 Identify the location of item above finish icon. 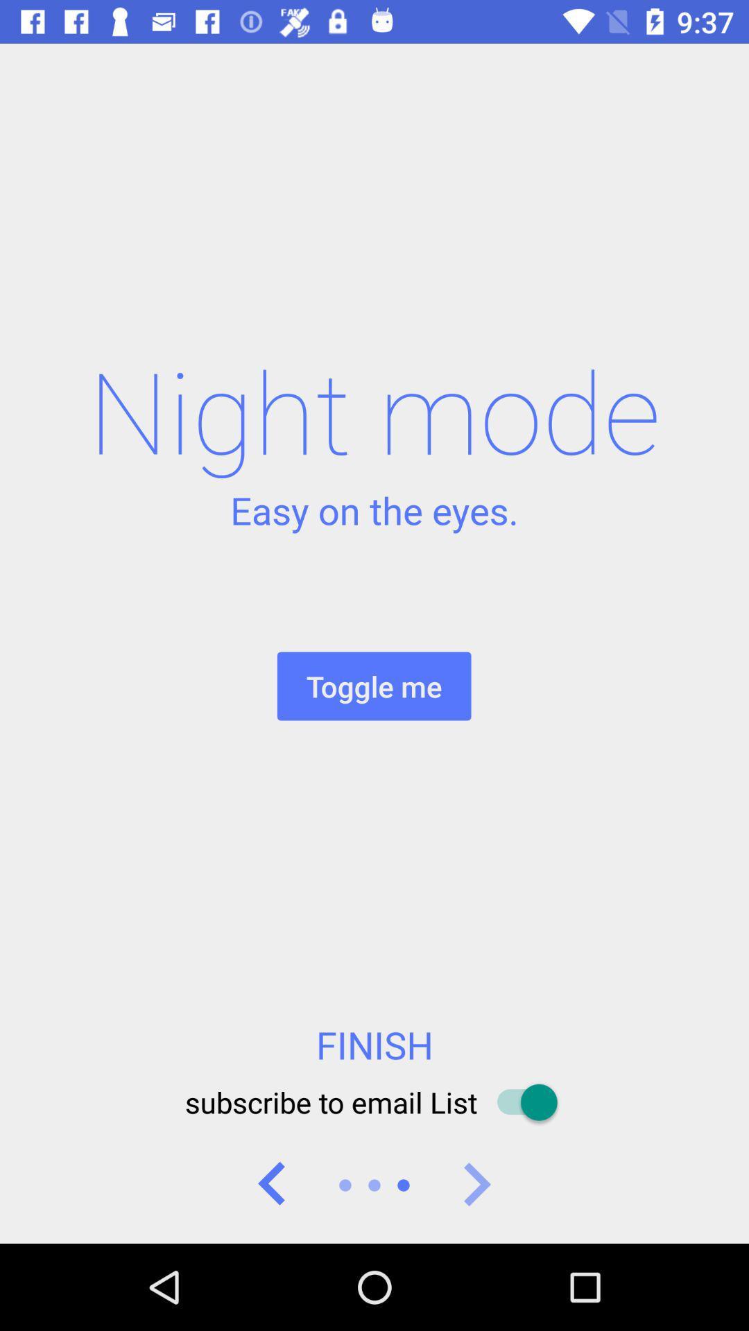
(373, 686).